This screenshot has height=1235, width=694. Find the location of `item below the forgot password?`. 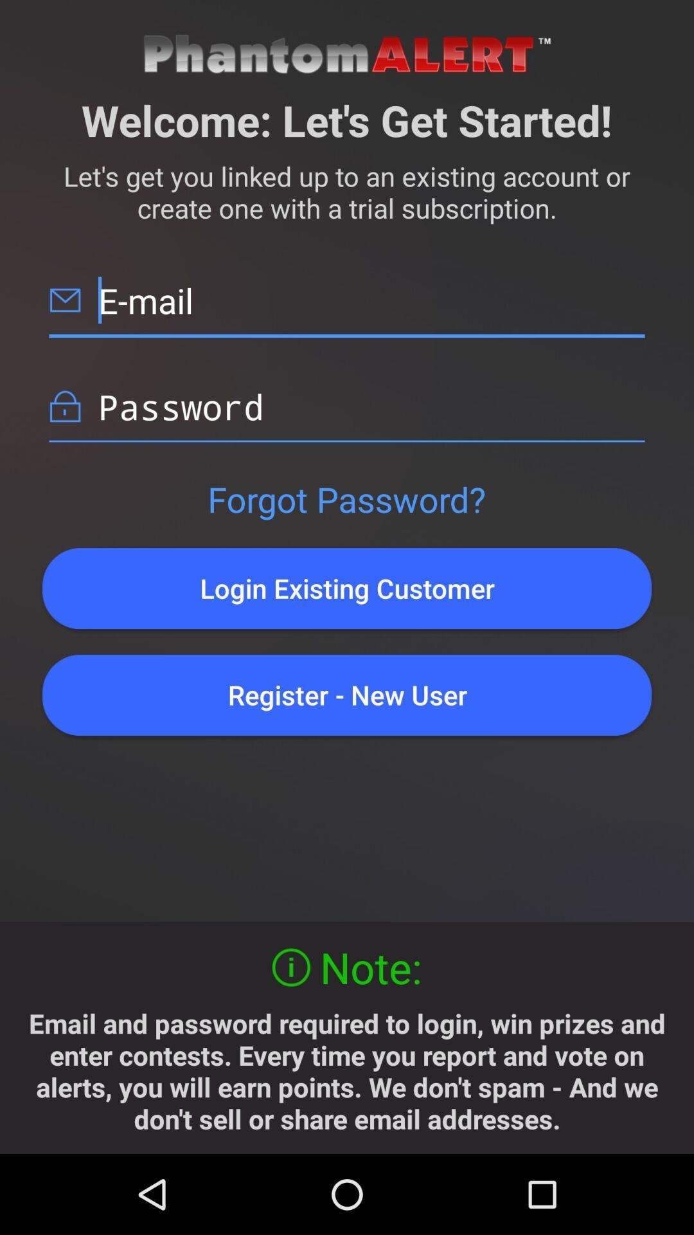

item below the forgot password? is located at coordinates (347, 588).